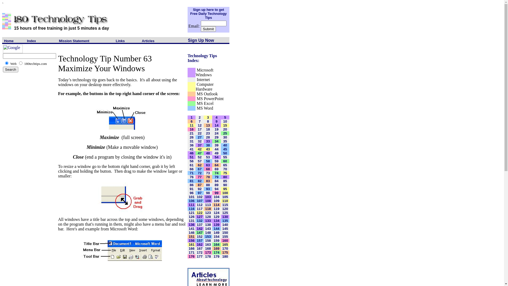  Describe the element at coordinates (197, 208) in the screenshot. I see `'117'` at that location.